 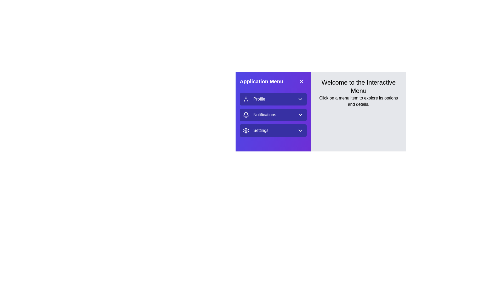 I want to click on the Profile menu icon (SVG) located to the left of the 'Profile' text label in the Application Menu panel for identification purposes, so click(x=246, y=99).